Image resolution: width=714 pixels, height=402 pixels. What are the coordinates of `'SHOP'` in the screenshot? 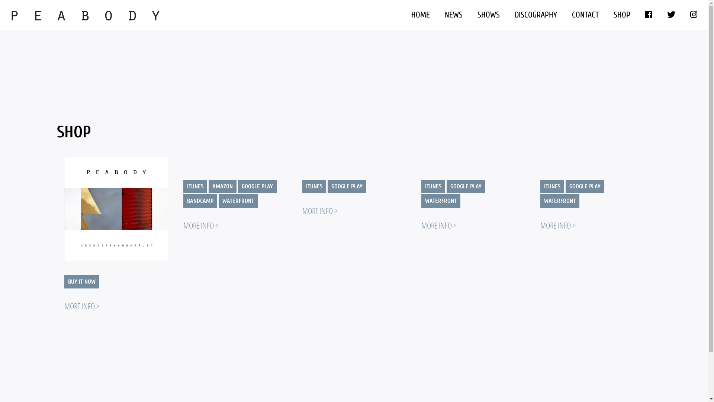 It's located at (622, 15).